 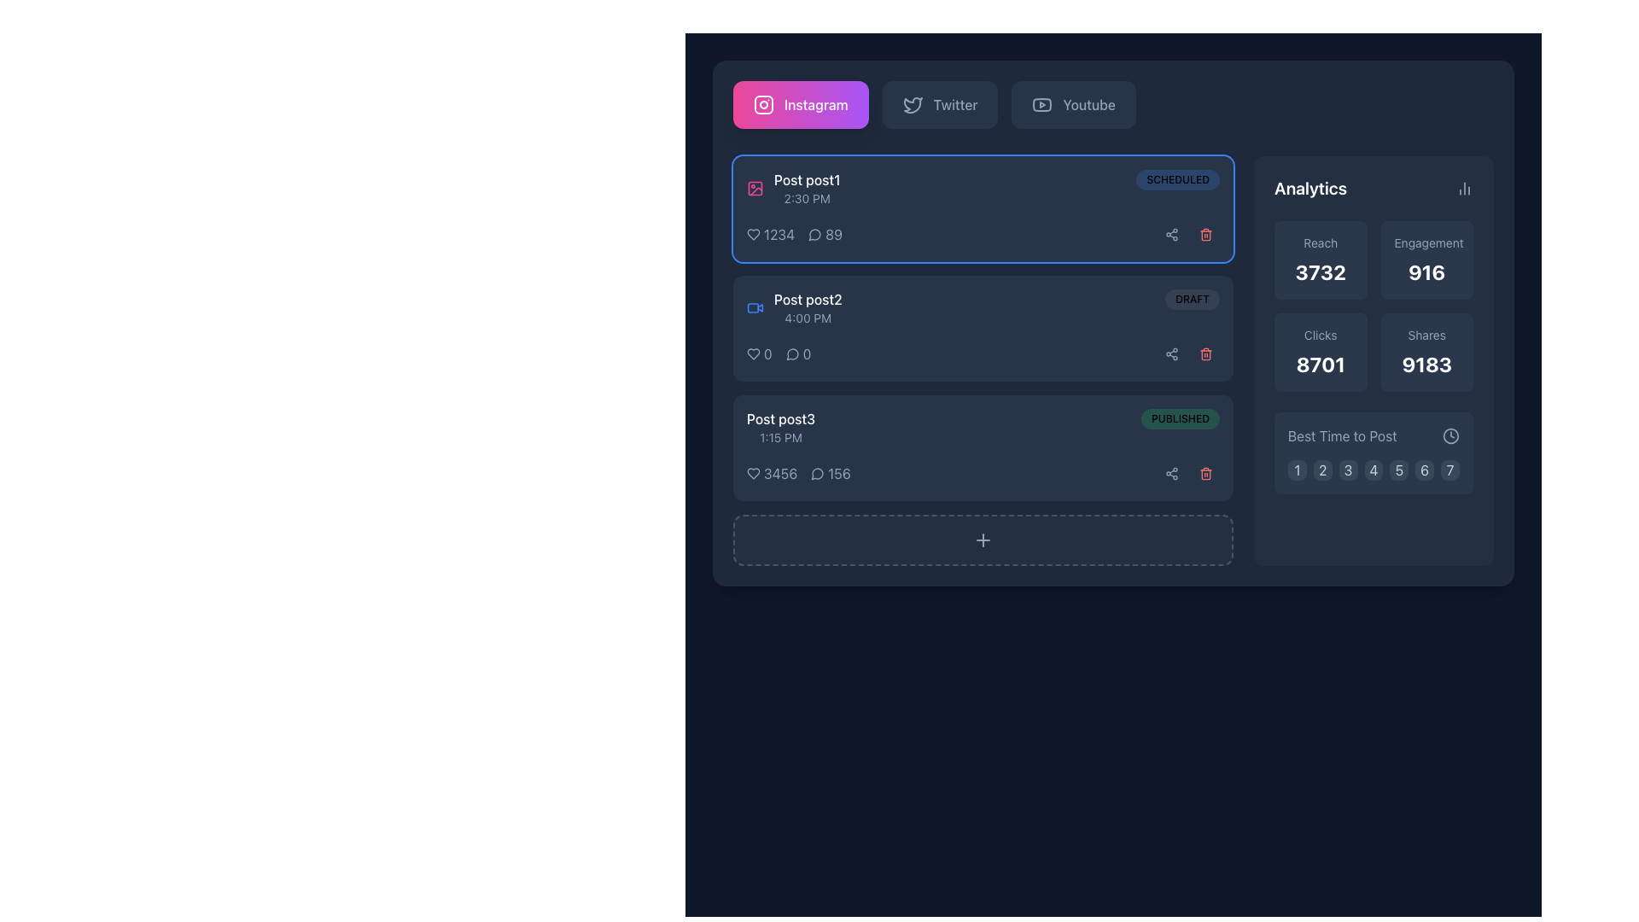 What do you see at coordinates (791, 353) in the screenshot?
I see `the small chat bubble icon located below the second post entry` at bounding box center [791, 353].